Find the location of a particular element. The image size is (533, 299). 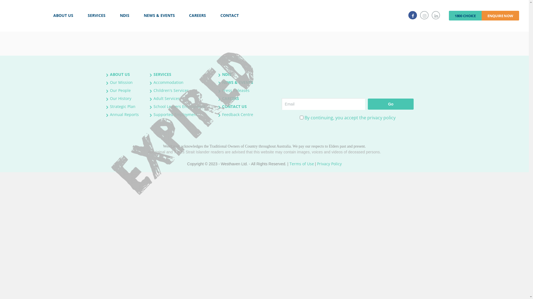

'Feedback Centre' is located at coordinates (237, 114).